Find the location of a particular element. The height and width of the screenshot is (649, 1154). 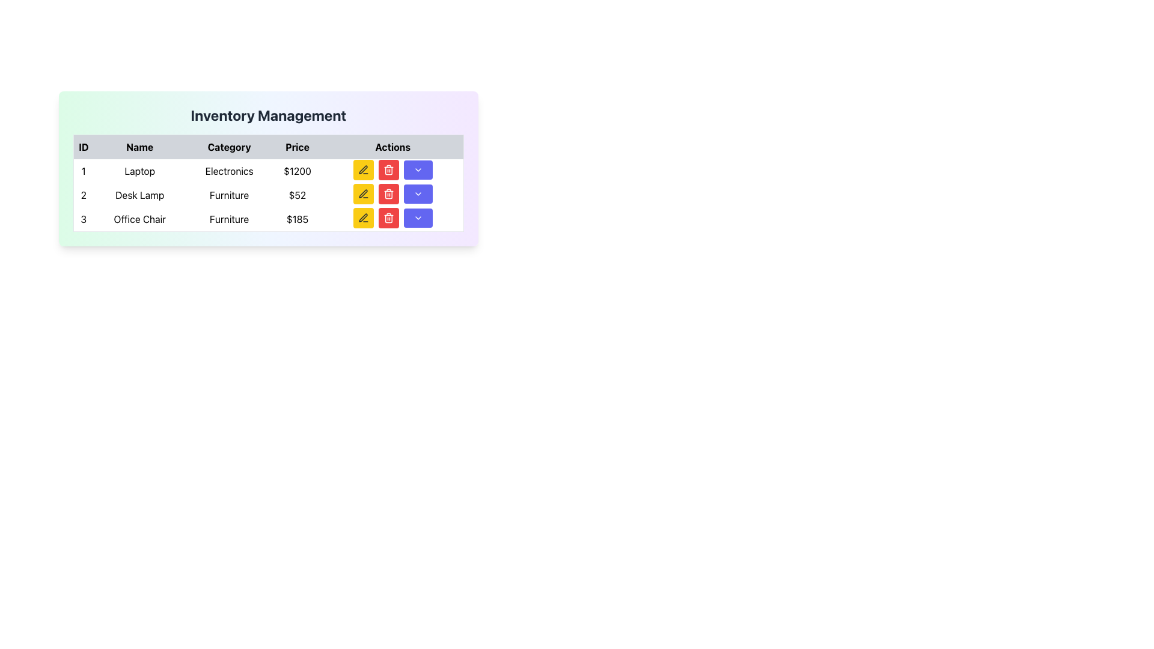

the text element that displays the unique identifier for the second row and first column of the table related to 'Desk Lamp' is located at coordinates (83, 194).